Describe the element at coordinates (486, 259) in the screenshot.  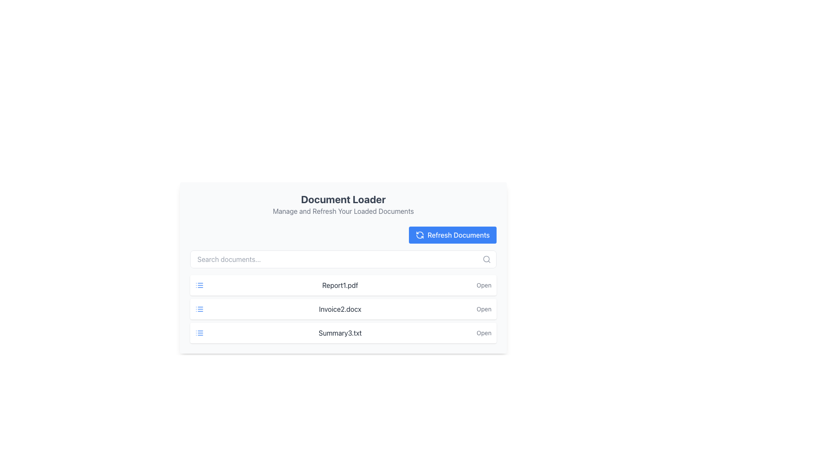
I see `the inner circle of the magnifying glass icon located to the right of the text input field in the search bar` at that location.